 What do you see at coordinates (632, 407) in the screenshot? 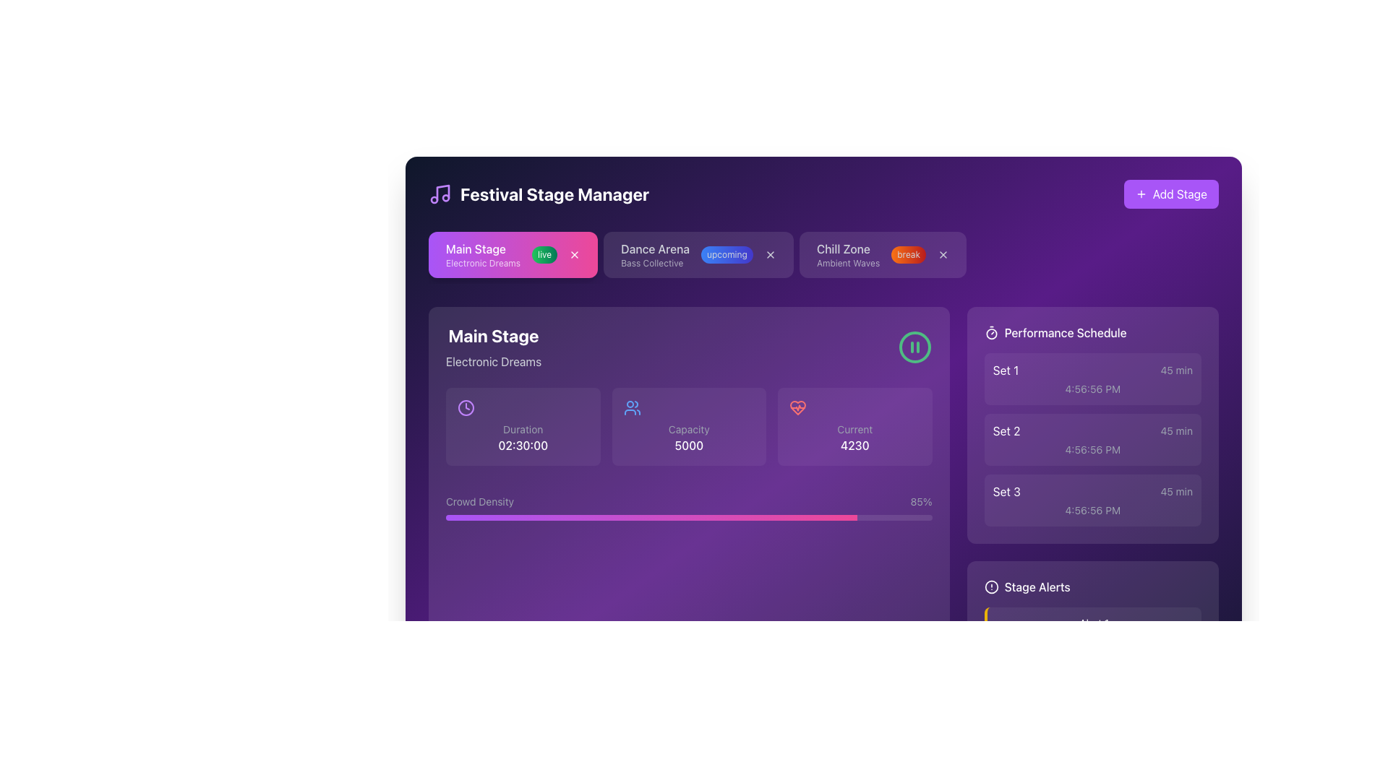
I see `capacity icon located in the second data card under the 'Main Stage' section, which symbolizes the number of attendees and is positioned directly above the numerical value '5000'` at bounding box center [632, 407].